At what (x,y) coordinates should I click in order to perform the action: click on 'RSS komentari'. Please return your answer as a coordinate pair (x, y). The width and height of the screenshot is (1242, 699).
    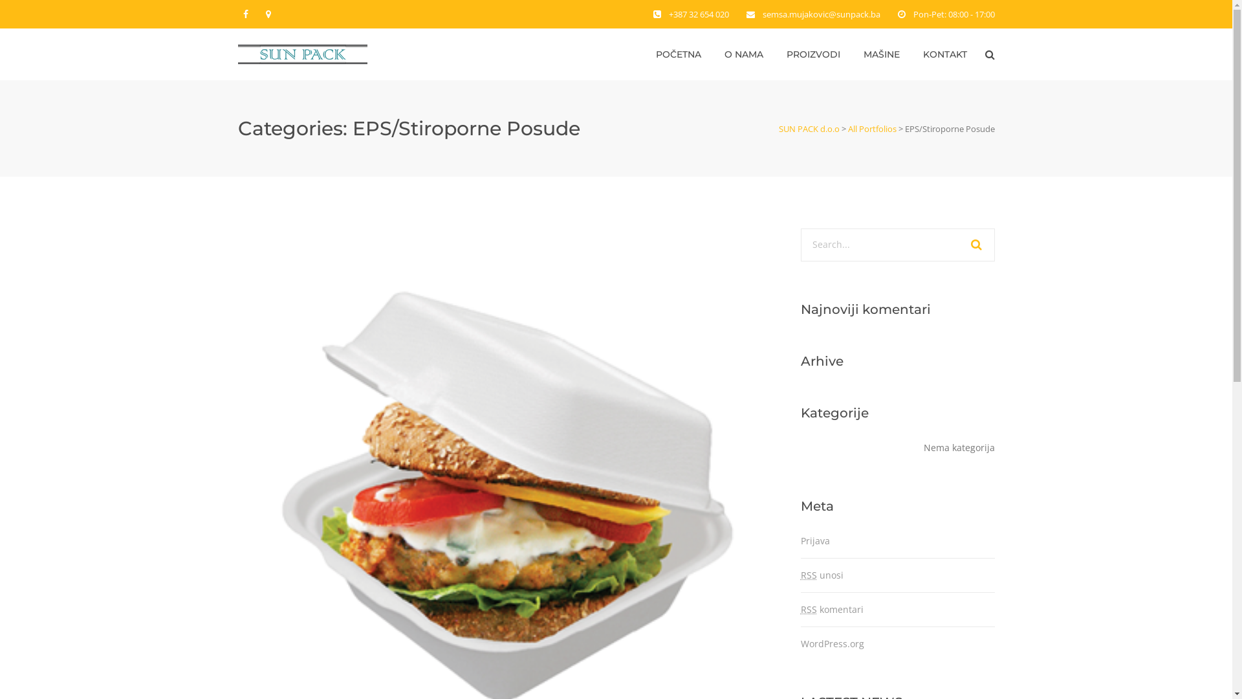
    Looking at the image, I should click on (832, 609).